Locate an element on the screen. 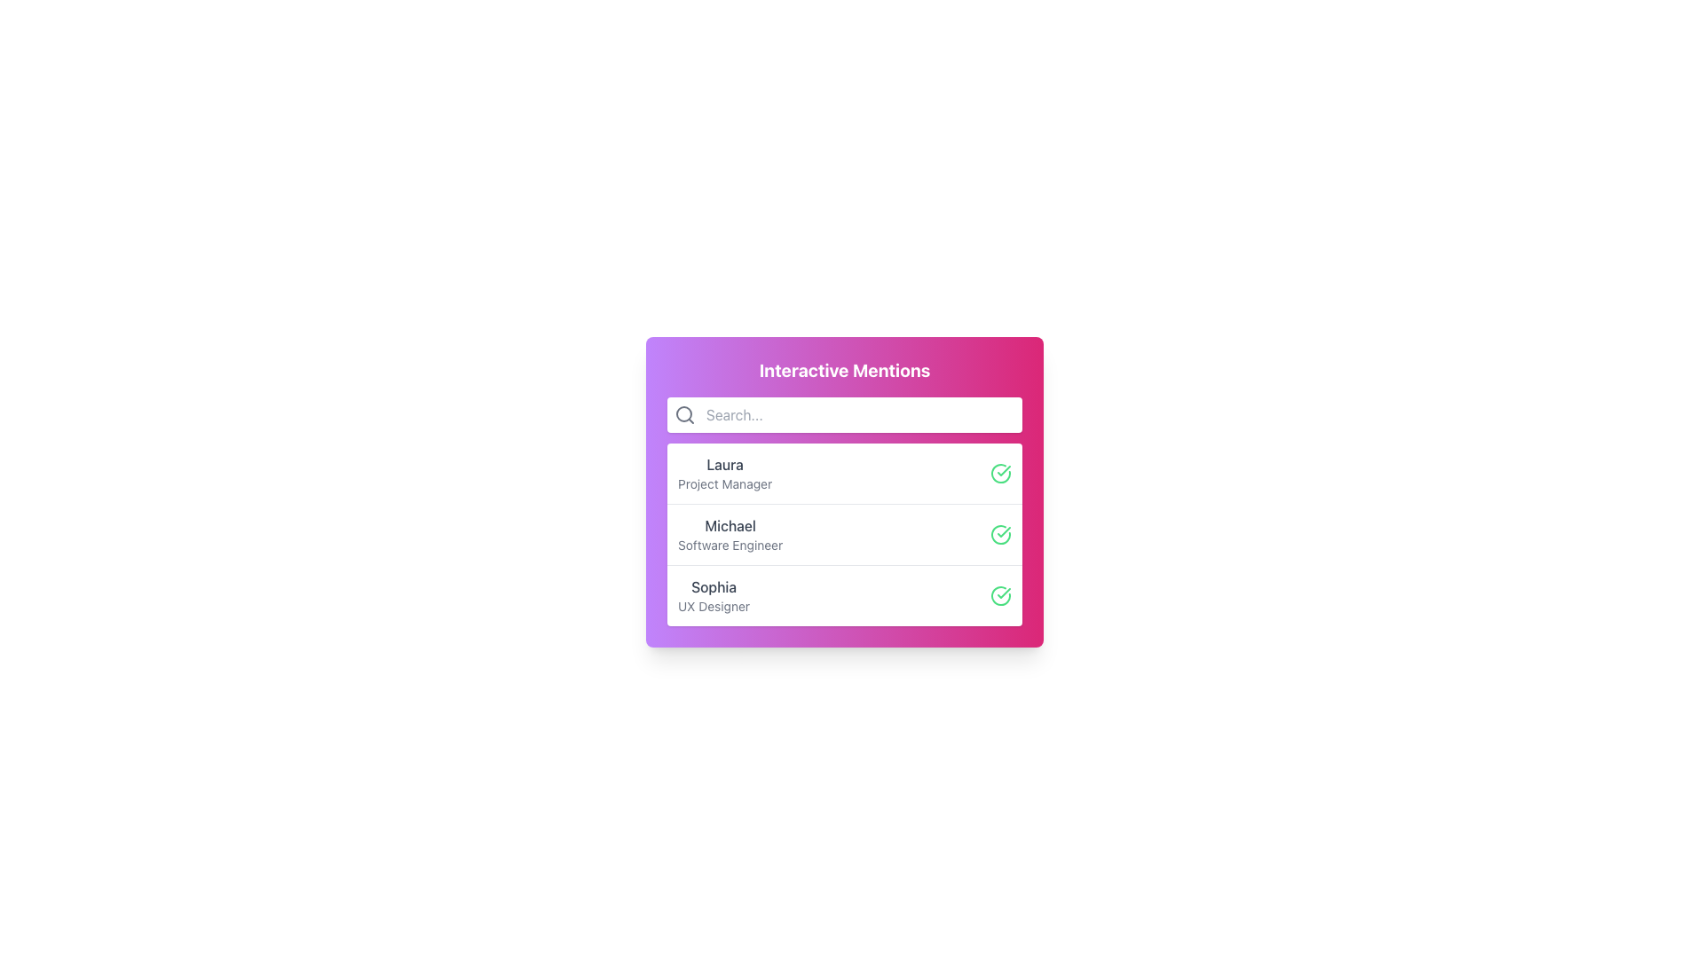 The image size is (1704, 958). text from the composite text display element showing 'Laura' as the title and 'Project Manager' as the subtitle, located at the top of the list under the search bar is located at coordinates (725, 472).